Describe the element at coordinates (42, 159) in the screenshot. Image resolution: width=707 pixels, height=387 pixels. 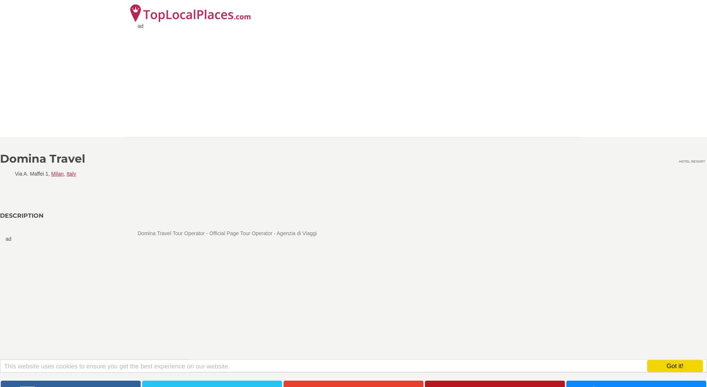
I see `'Domina Travel'` at that location.